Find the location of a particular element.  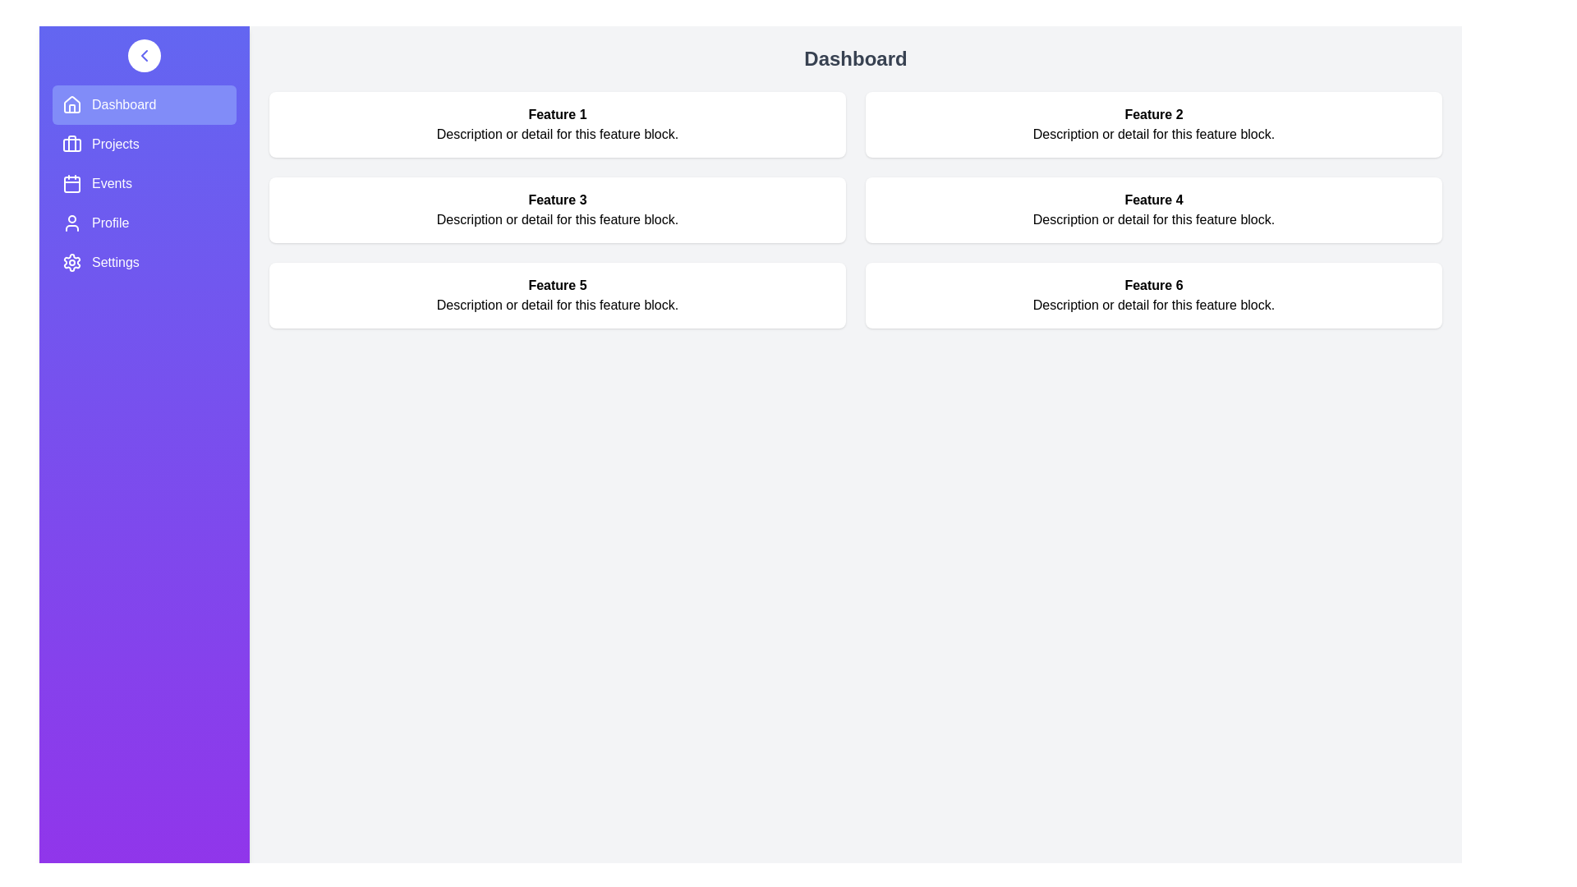

the navigation menu item Settings is located at coordinates (145, 262).